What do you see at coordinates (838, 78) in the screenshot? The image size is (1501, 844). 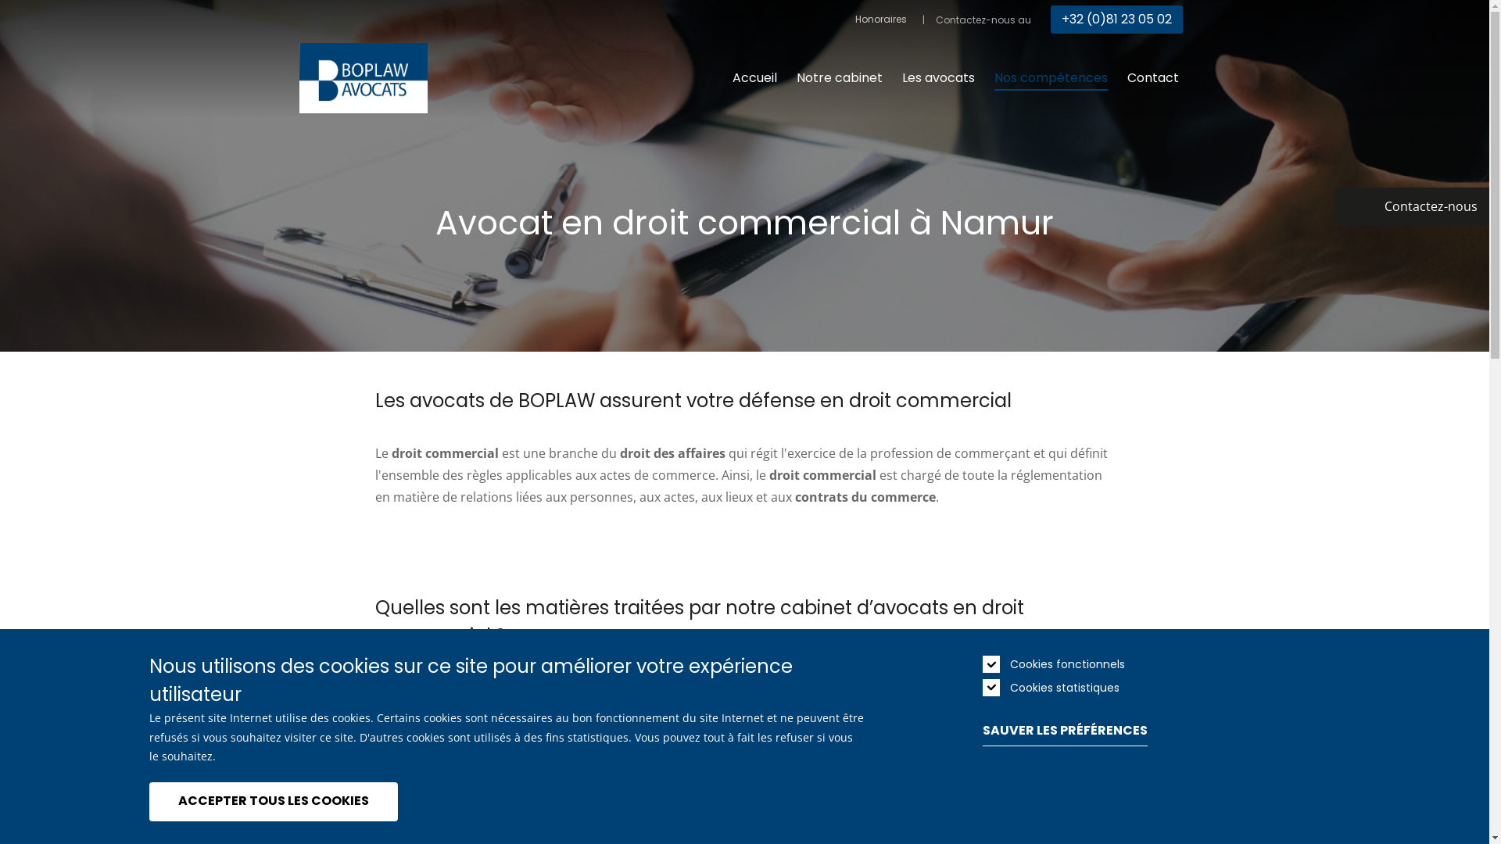 I see `'Notre cabinet'` at bounding box center [838, 78].